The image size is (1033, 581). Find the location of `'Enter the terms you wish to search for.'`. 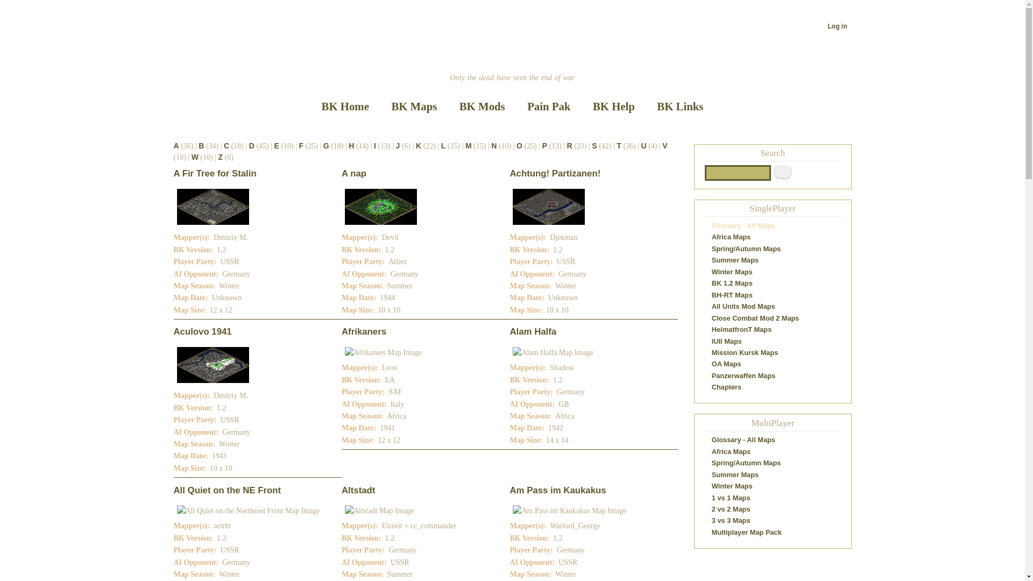

'Enter the terms you wish to search for.' is located at coordinates (737, 172).